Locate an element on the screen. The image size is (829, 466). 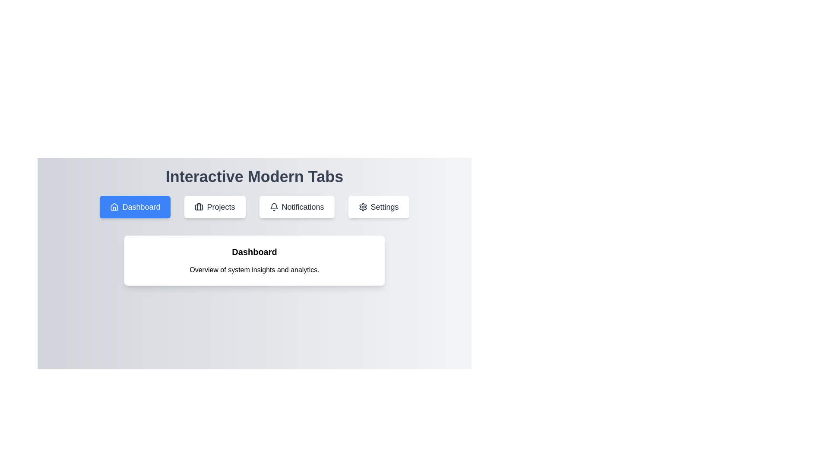
the heading text 'Interactive Modern Tabs', which is styled in bold, large dark gray text and centrally aligned above the navigation buttons is located at coordinates (254, 176).